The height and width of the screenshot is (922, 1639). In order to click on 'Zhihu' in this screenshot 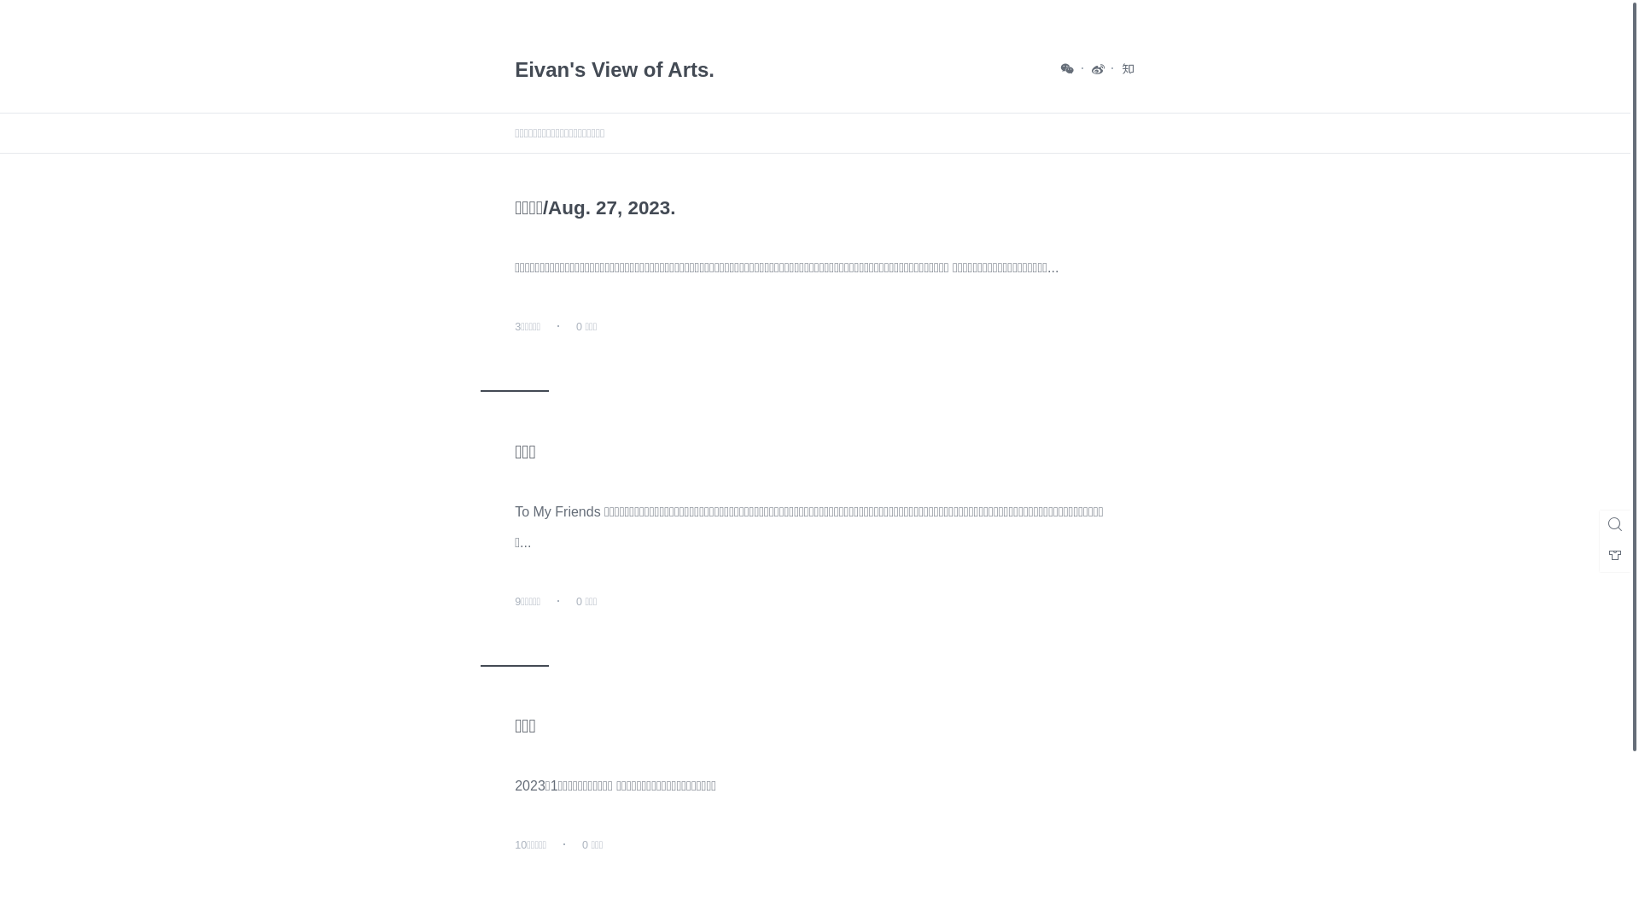, I will do `click(1128, 67)`.